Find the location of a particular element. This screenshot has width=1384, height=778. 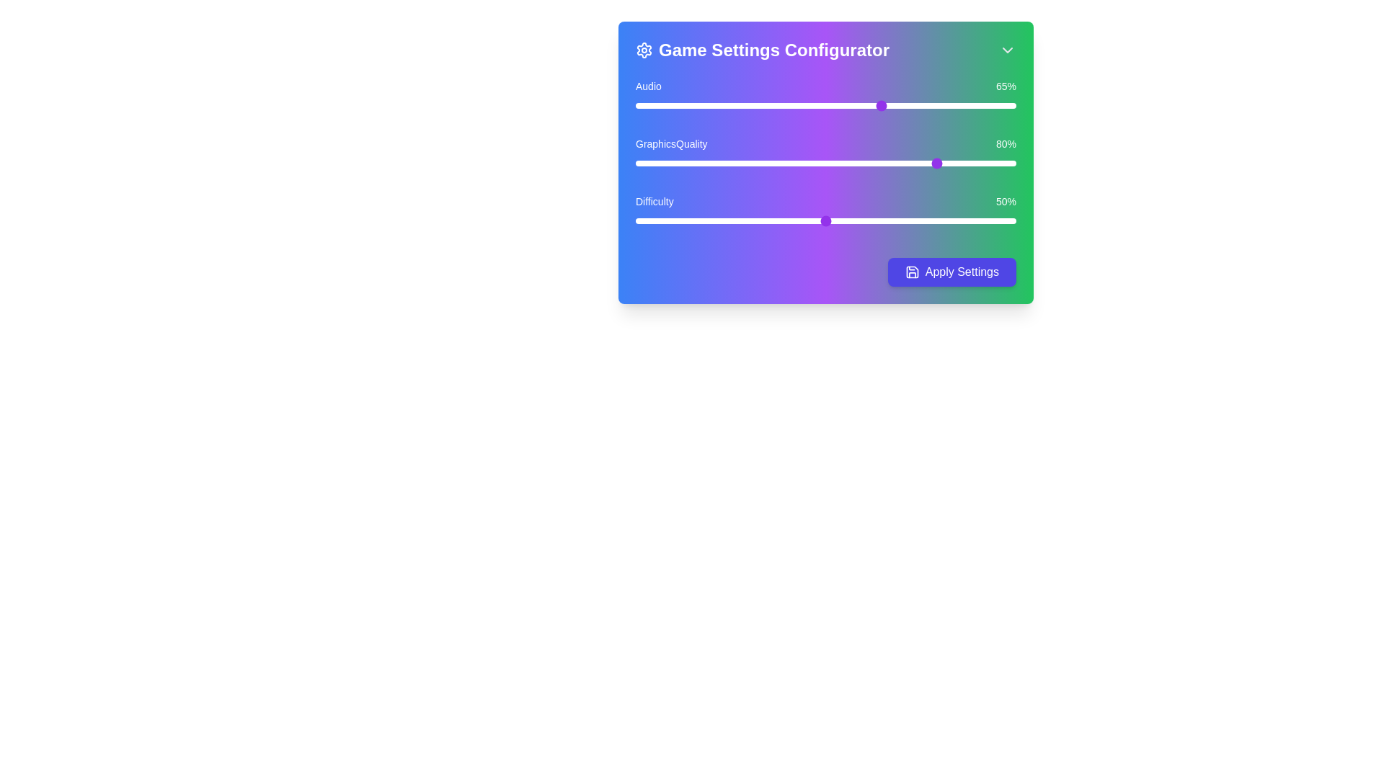

the downward arrow icon with a thin white outline on a green background in the 'Game Settings Configurator' for visual feedback is located at coordinates (1006, 49).